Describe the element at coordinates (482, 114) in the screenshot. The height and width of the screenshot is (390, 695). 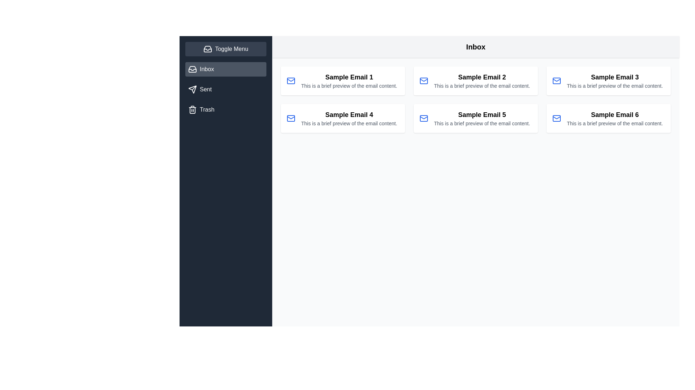
I see `the bold, large-sized text displaying 'Sample Email 5'` at that location.